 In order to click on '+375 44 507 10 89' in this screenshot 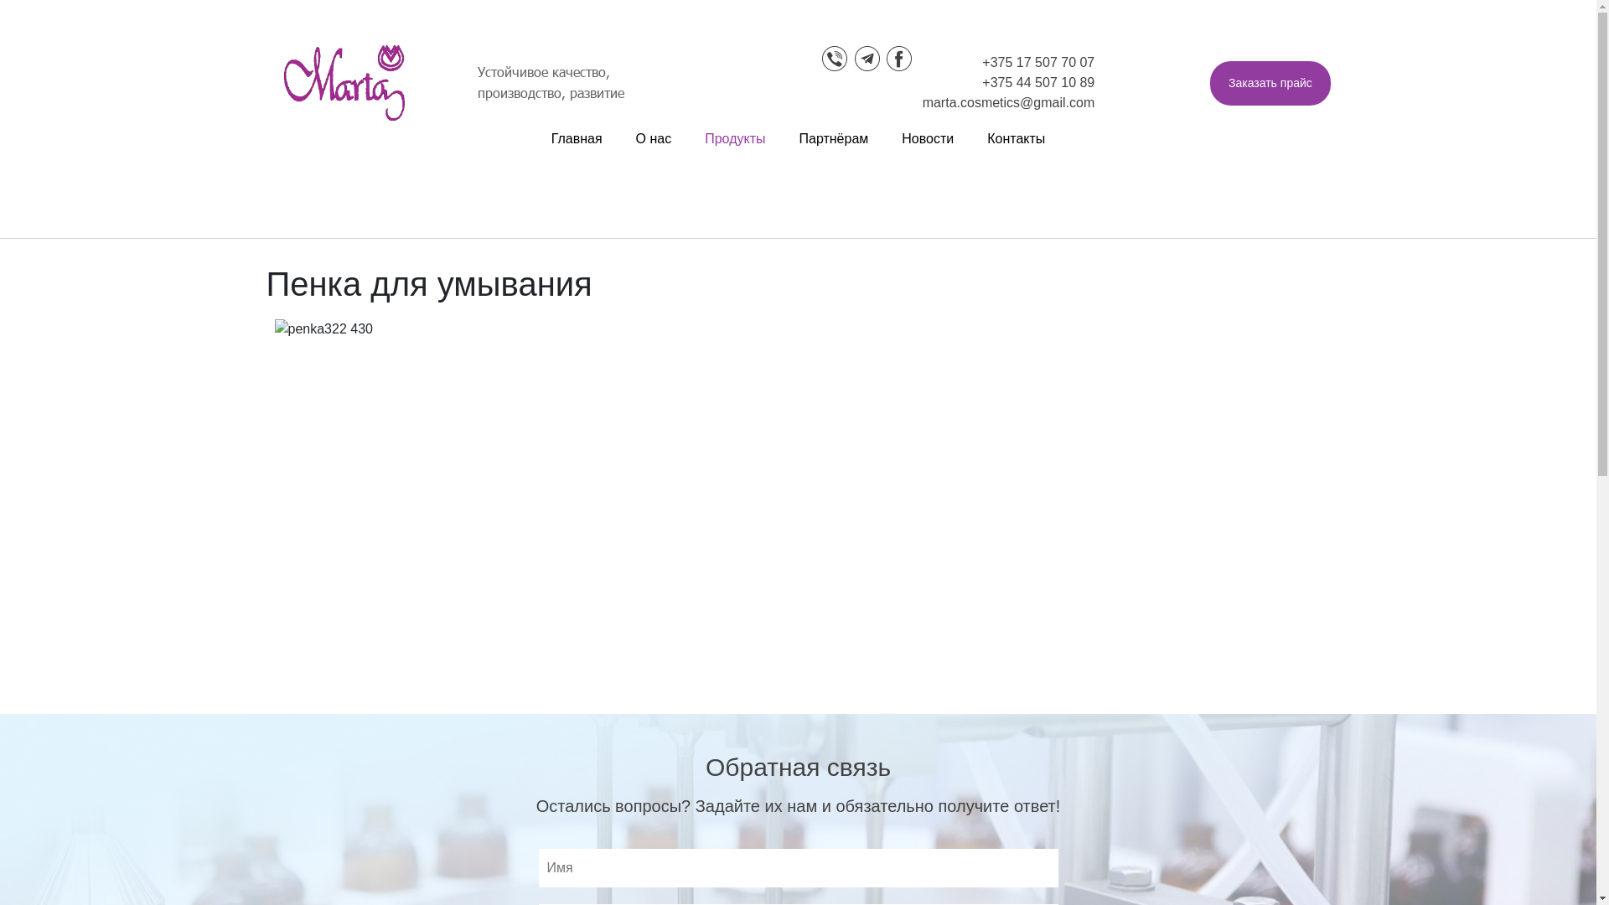, I will do `click(981, 82)`.